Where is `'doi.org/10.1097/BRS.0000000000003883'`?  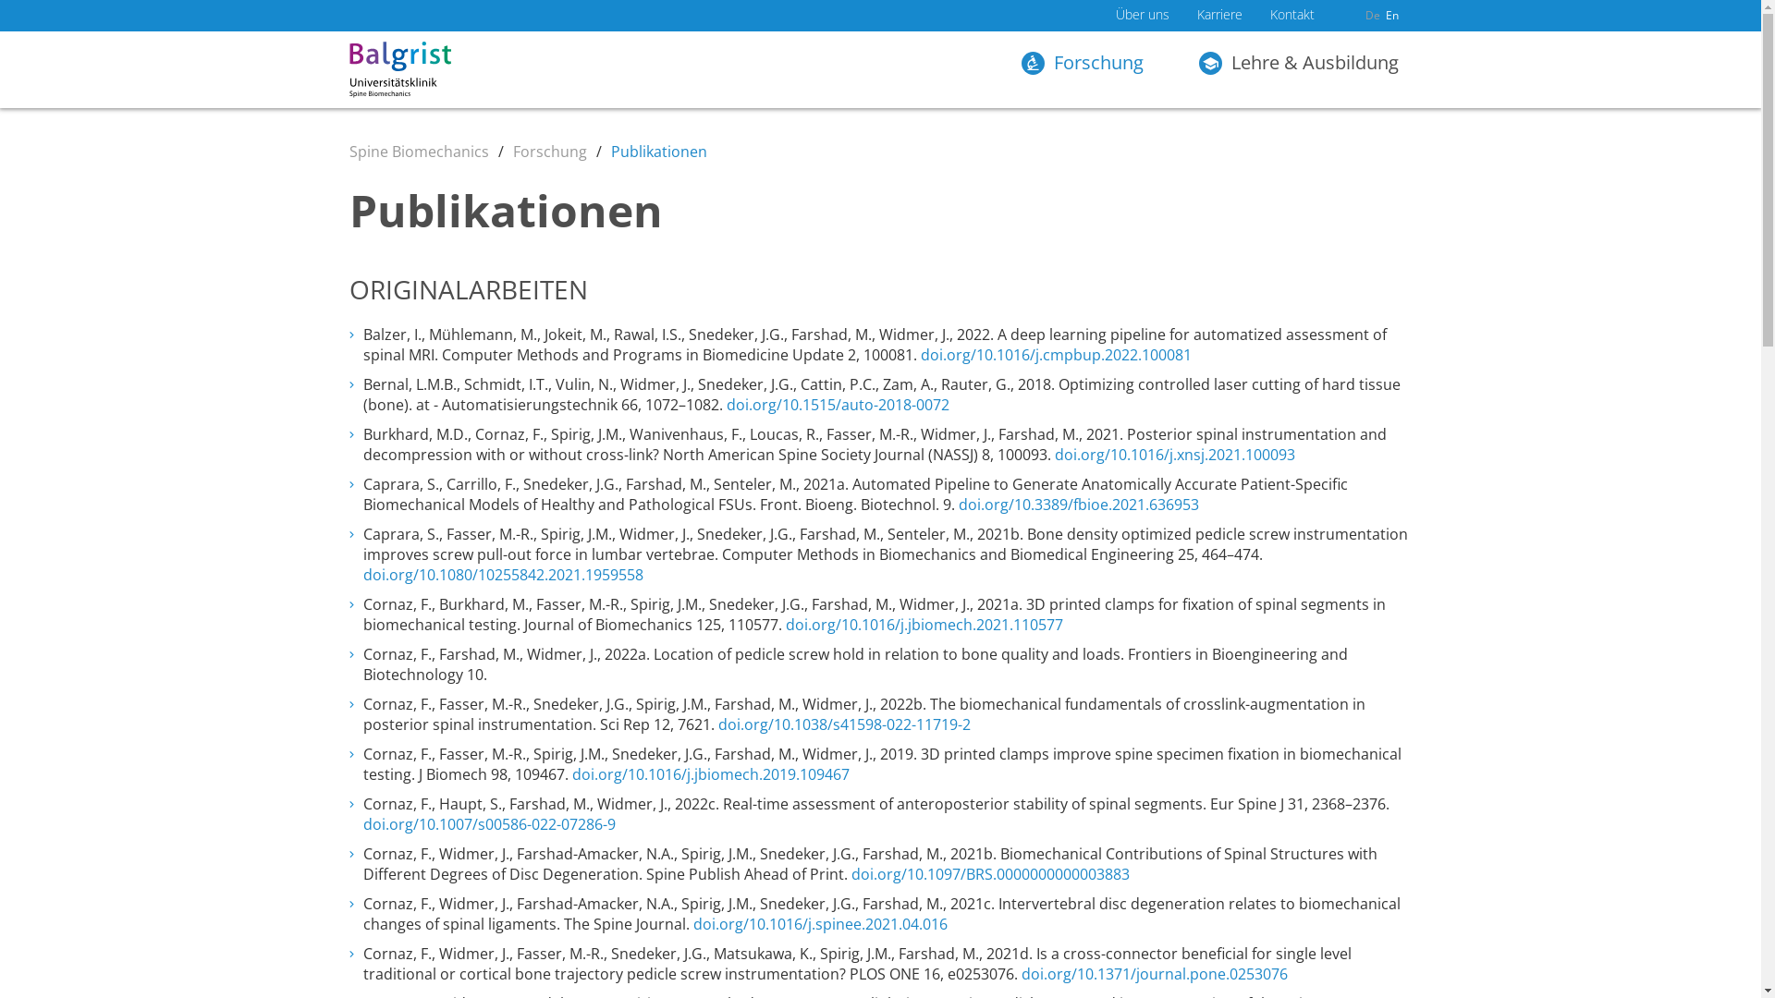
'doi.org/10.1097/BRS.0000000000003883' is located at coordinates (988, 873).